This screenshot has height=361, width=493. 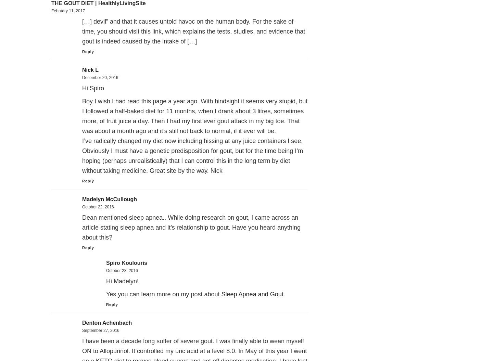 I want to click on 'Dean mentioned sleep apnea.. While doing research on gout, I came across an article stating sleep apnea and it’s relationship to gout. Have you heard anything about this?', so click(x=191, y=227).